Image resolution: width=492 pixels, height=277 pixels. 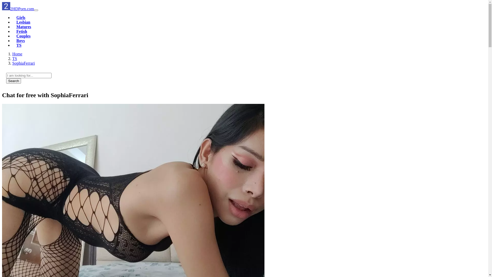 I want to click on 'Fetish', so click(x=22, y=31).